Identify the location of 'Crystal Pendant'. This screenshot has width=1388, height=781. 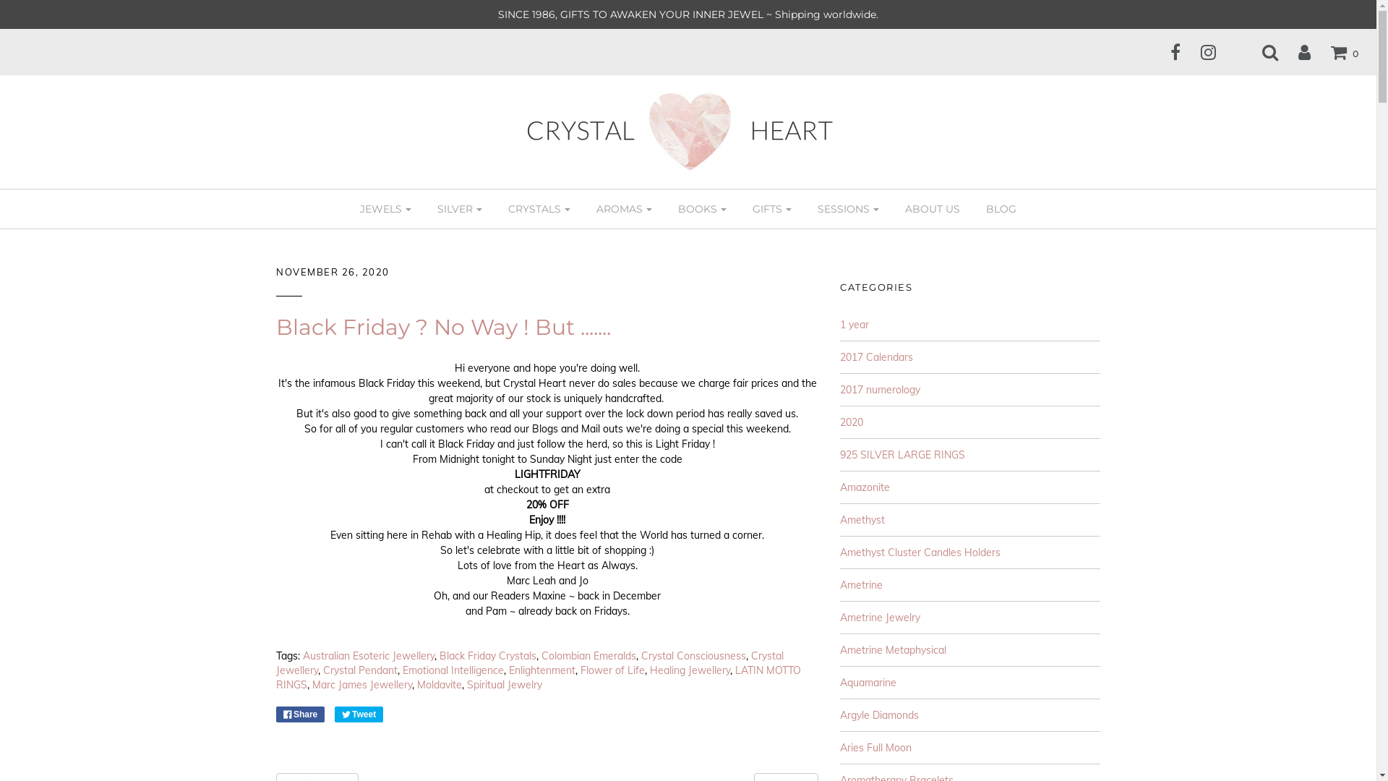
(322, 670).